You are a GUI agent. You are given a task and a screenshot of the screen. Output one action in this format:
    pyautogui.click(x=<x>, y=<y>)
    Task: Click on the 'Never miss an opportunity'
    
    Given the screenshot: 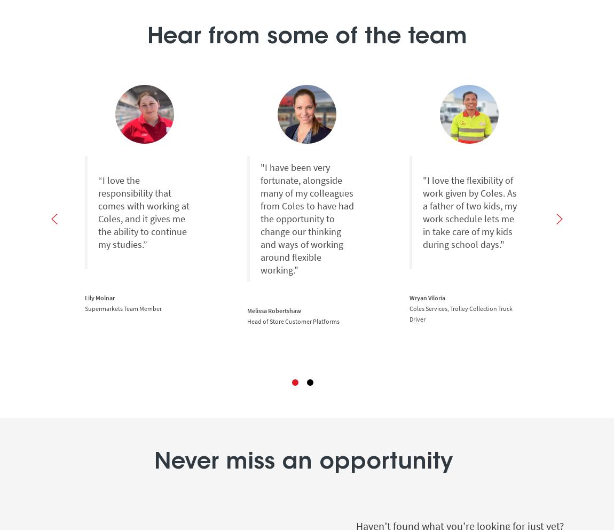 What is the action you would take?
    pyautogui.click(x=307, y=463)
    